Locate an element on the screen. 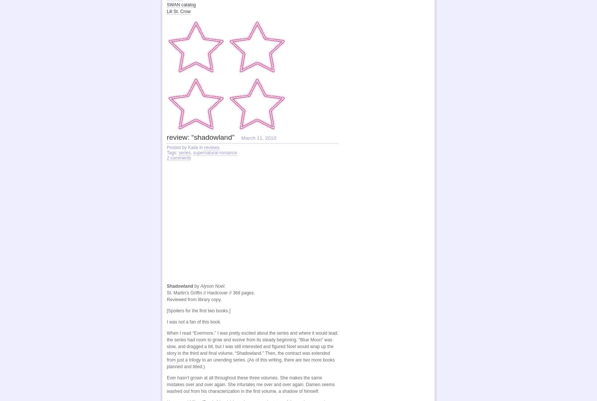  'review: “shadowland”' is located at coordinates (166, 137).